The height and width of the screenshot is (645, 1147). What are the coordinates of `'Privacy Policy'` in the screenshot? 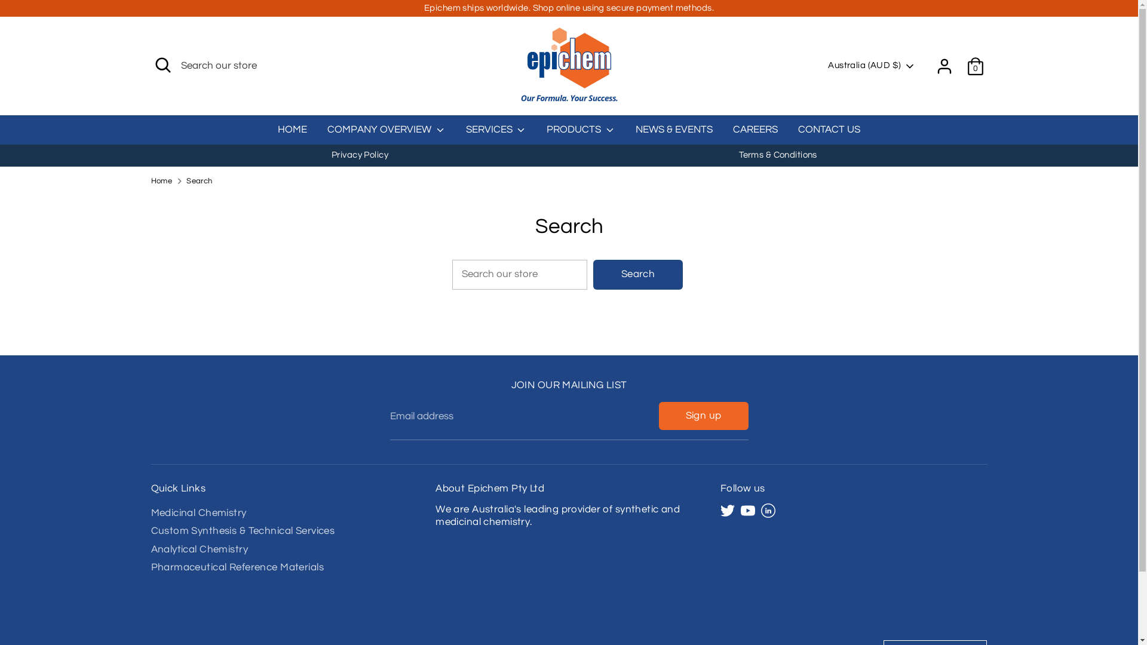 It's located at (359, 154).